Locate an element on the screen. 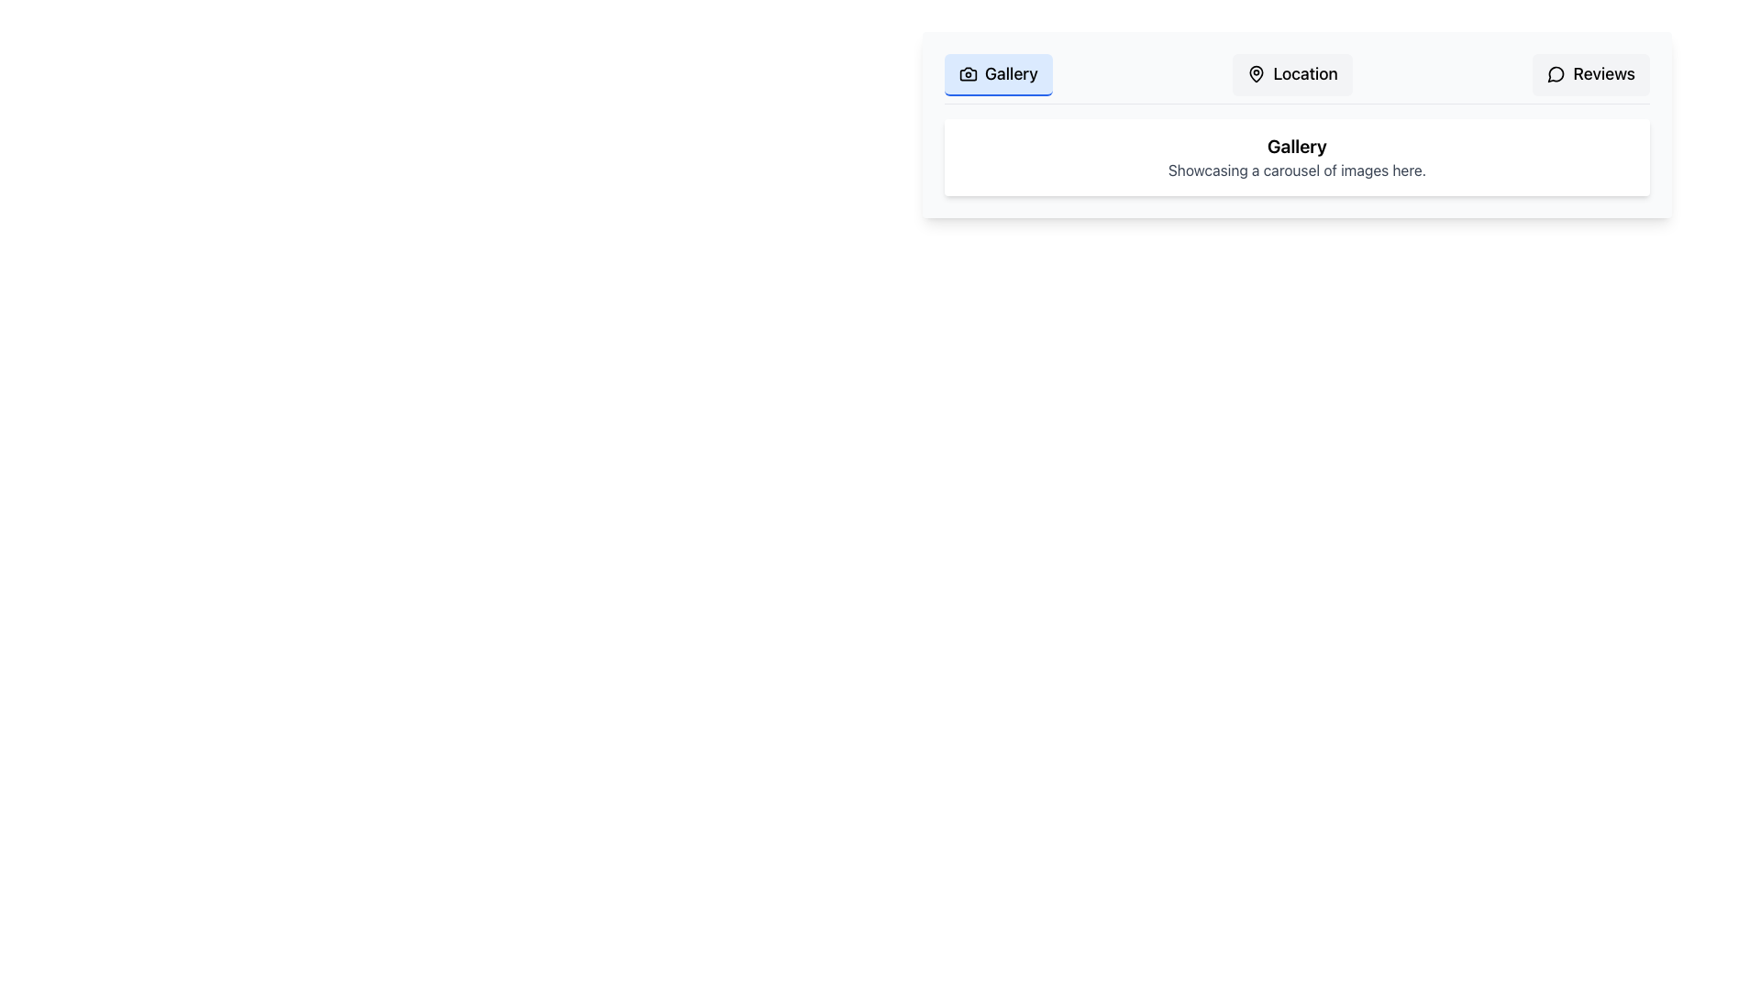 The width and height of the screenshot is (1761, 990). the 'Reviews' icon, which is part of the clickable button labeled 'Reviews' located in the top-right corner of the layout is located at coordinates (1556, 73).